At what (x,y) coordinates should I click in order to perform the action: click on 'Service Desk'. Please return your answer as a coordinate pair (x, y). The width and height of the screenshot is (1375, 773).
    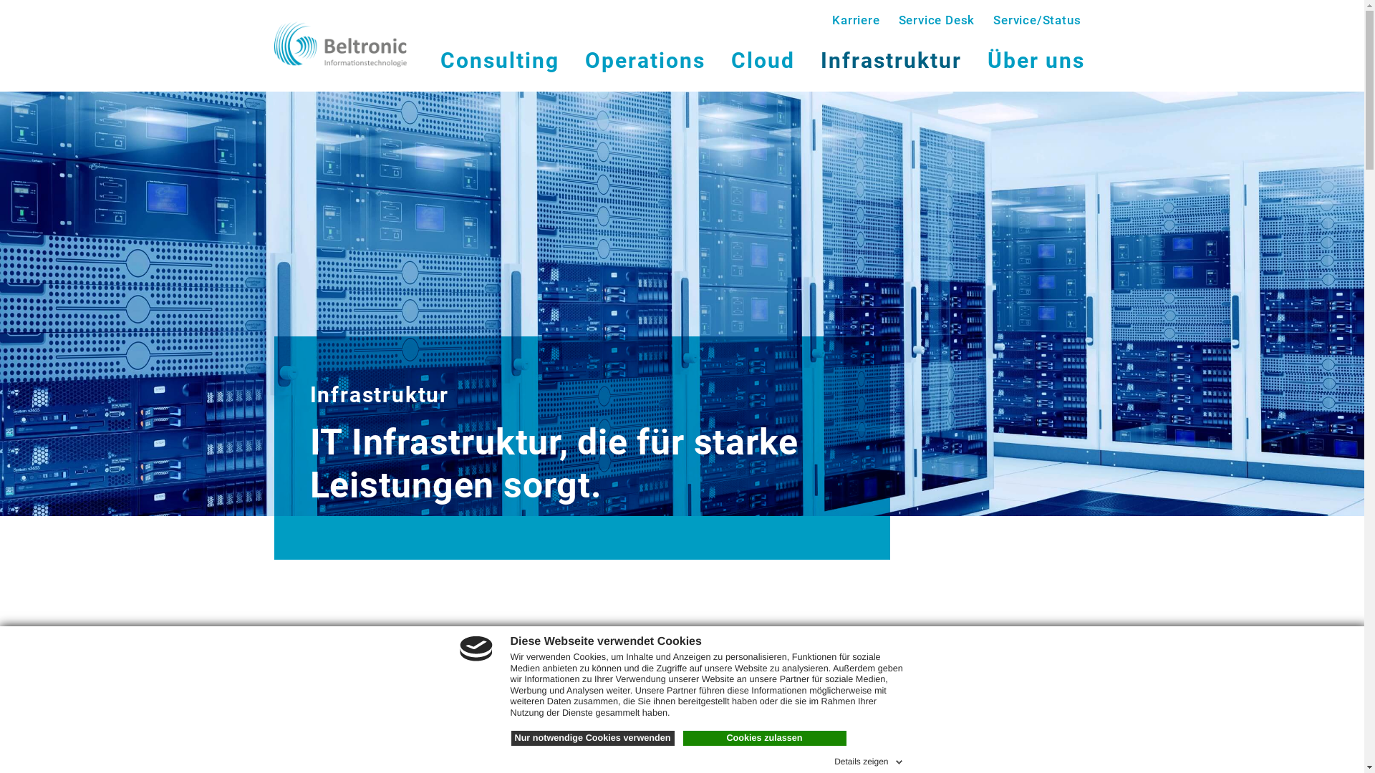
    Looking at the image, I should click on (937, 26).